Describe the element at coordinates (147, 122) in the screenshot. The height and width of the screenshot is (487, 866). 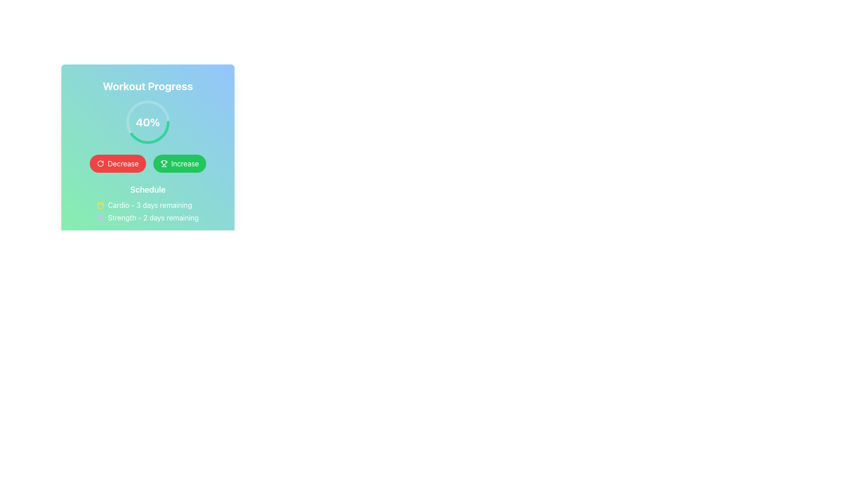
I see `the Circular progress indicator that visually represents workout progress, located centrally within the 'Workout Progress' card` at that location.